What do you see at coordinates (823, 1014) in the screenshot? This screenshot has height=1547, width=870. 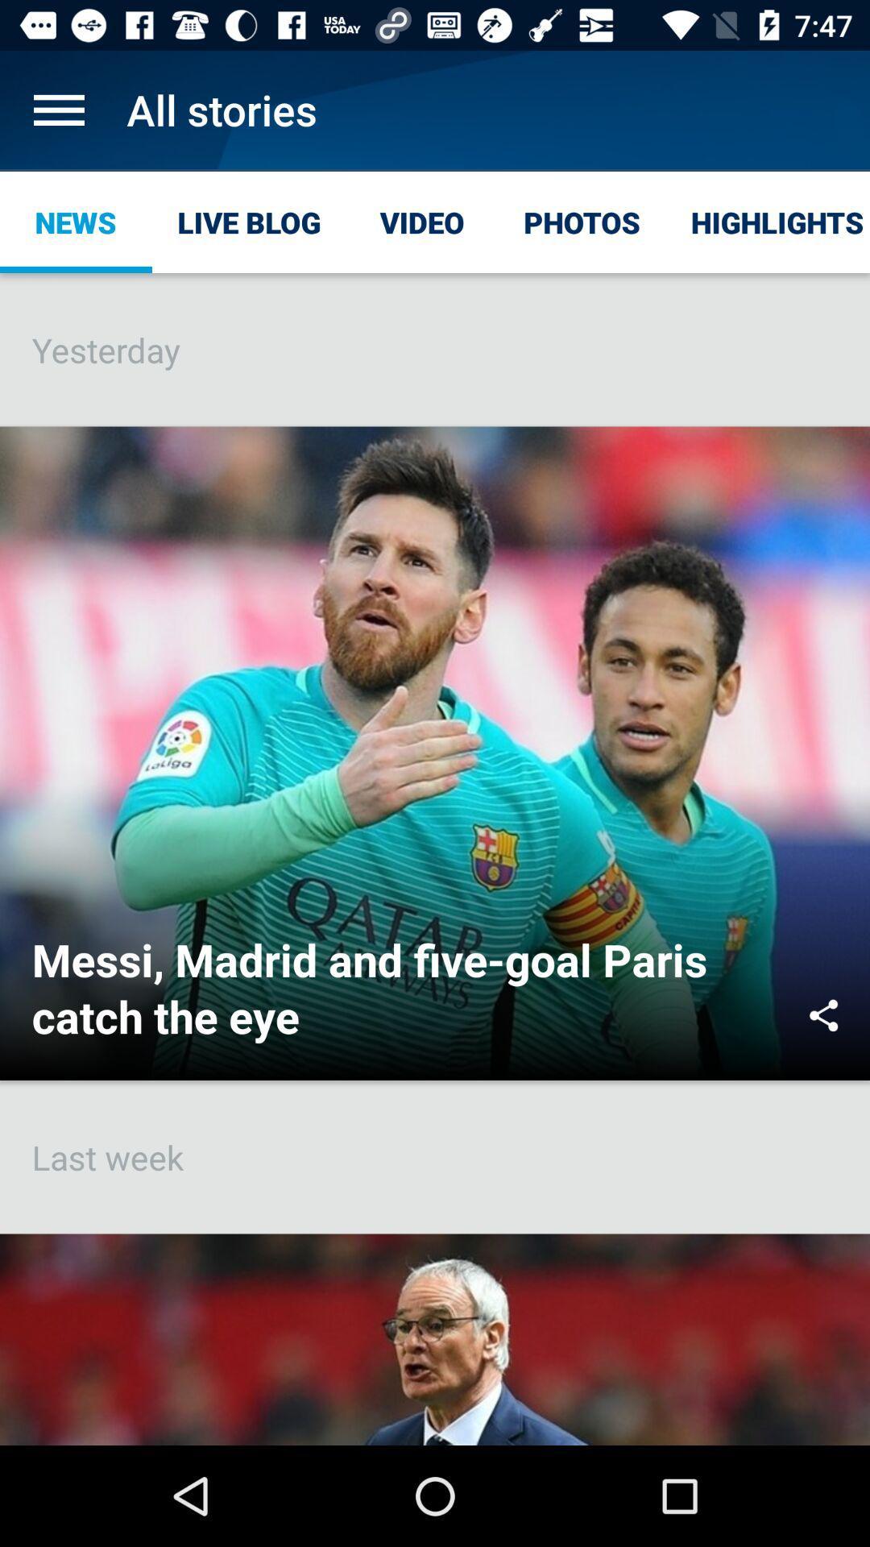 I see `icon above the last week item` at bounding box center [823, 1014].